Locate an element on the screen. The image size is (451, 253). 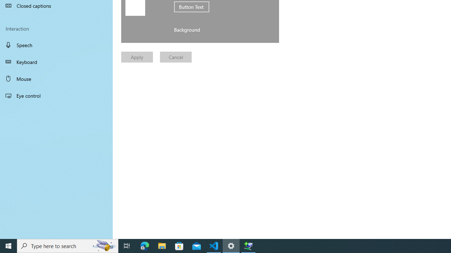
'Search highlights icon opens search home window' is located at coordinates (104, 245).